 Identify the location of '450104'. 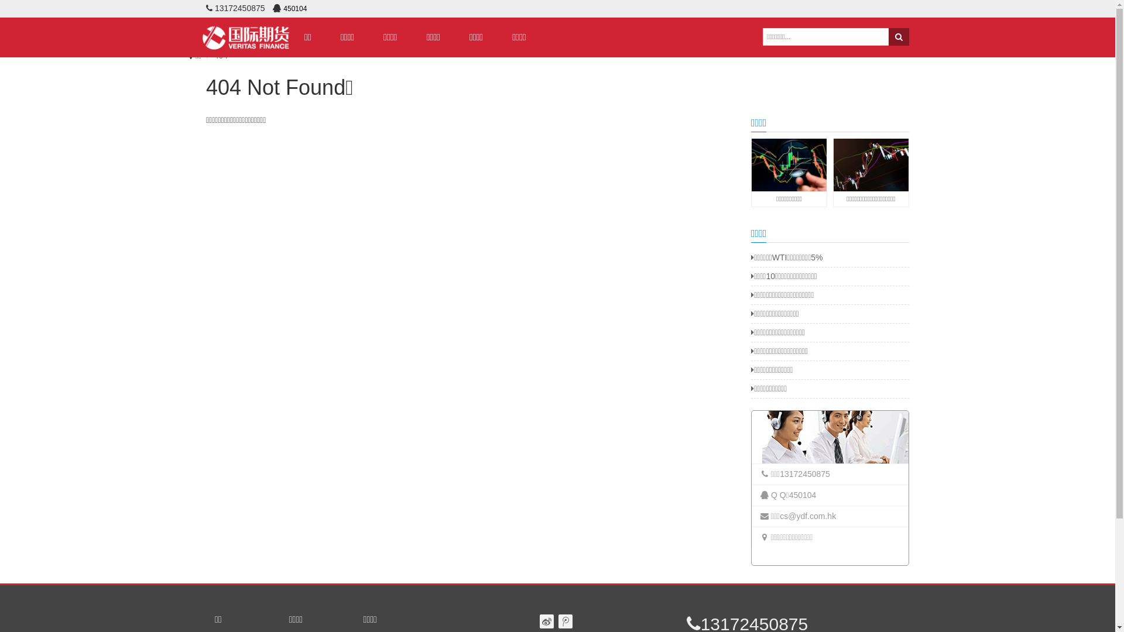
(295, 9).